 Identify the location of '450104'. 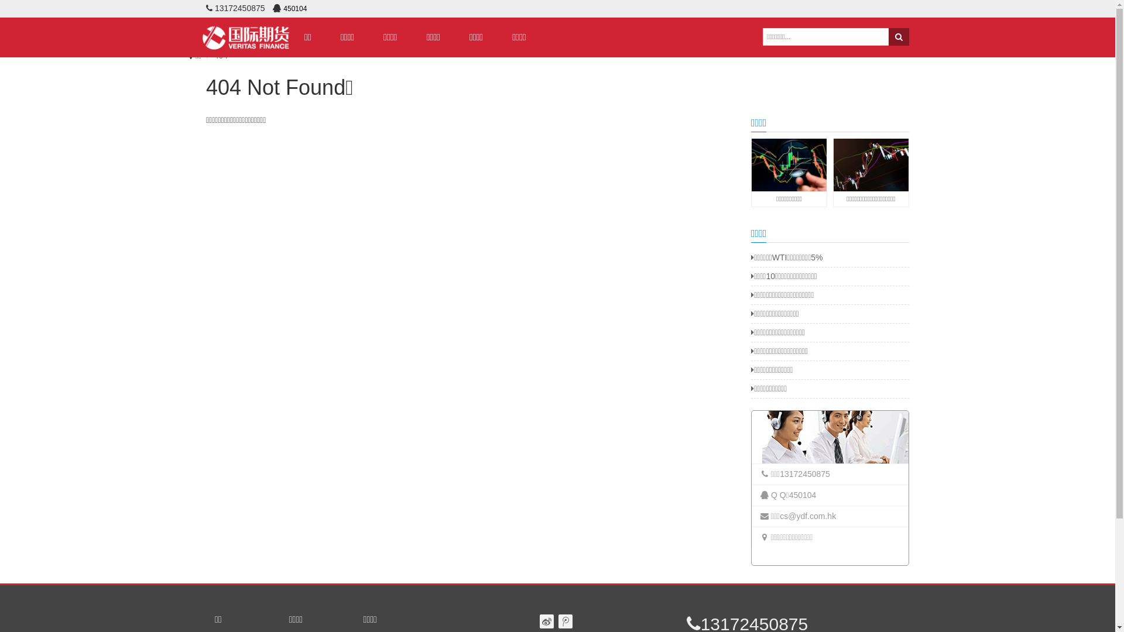
(295, 9).